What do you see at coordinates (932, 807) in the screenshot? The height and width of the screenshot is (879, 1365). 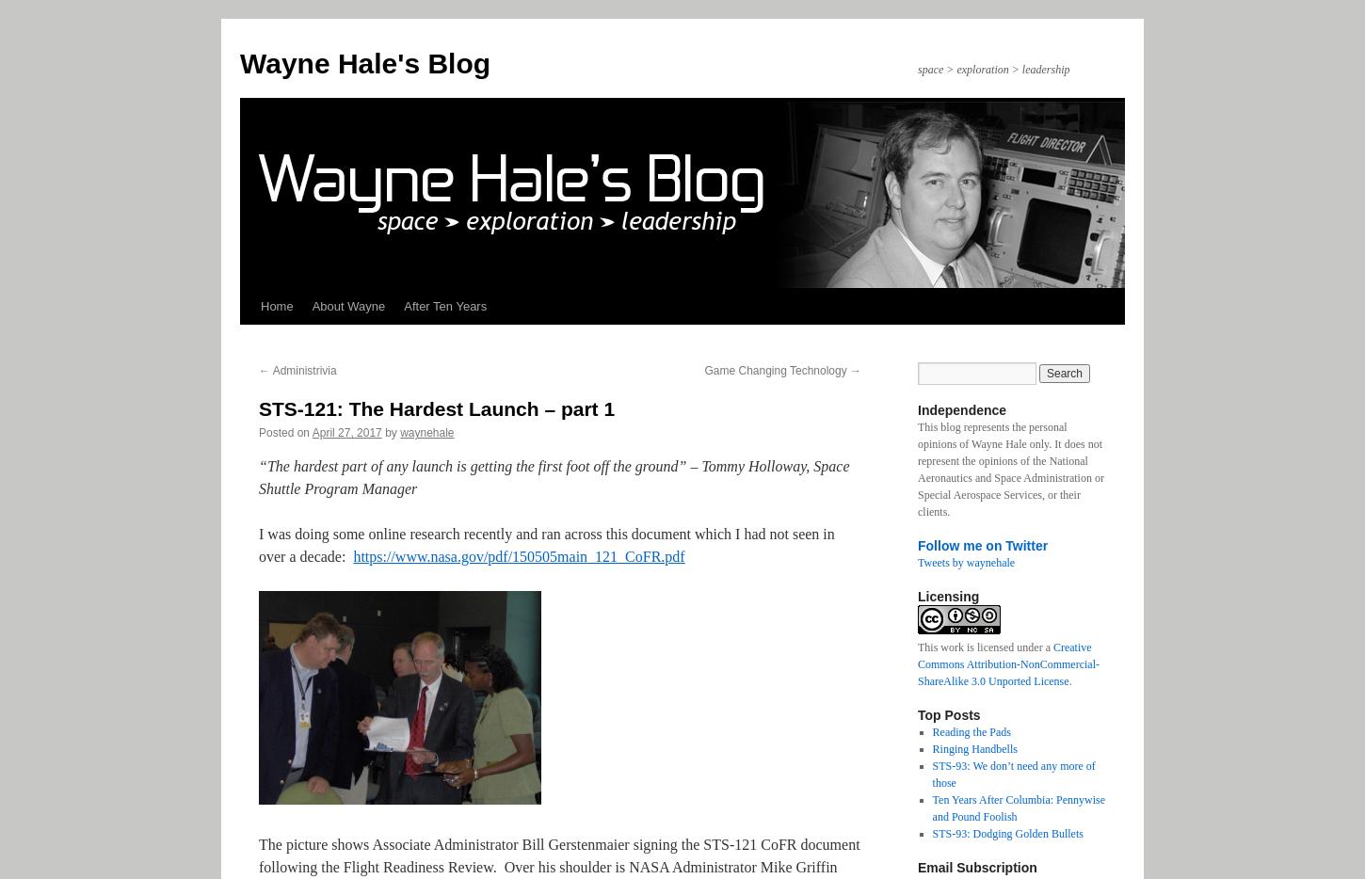 I see `'Ten Years After Columbia:  Pennywise and Pound Foolish'` at bounding box center [932, 807].